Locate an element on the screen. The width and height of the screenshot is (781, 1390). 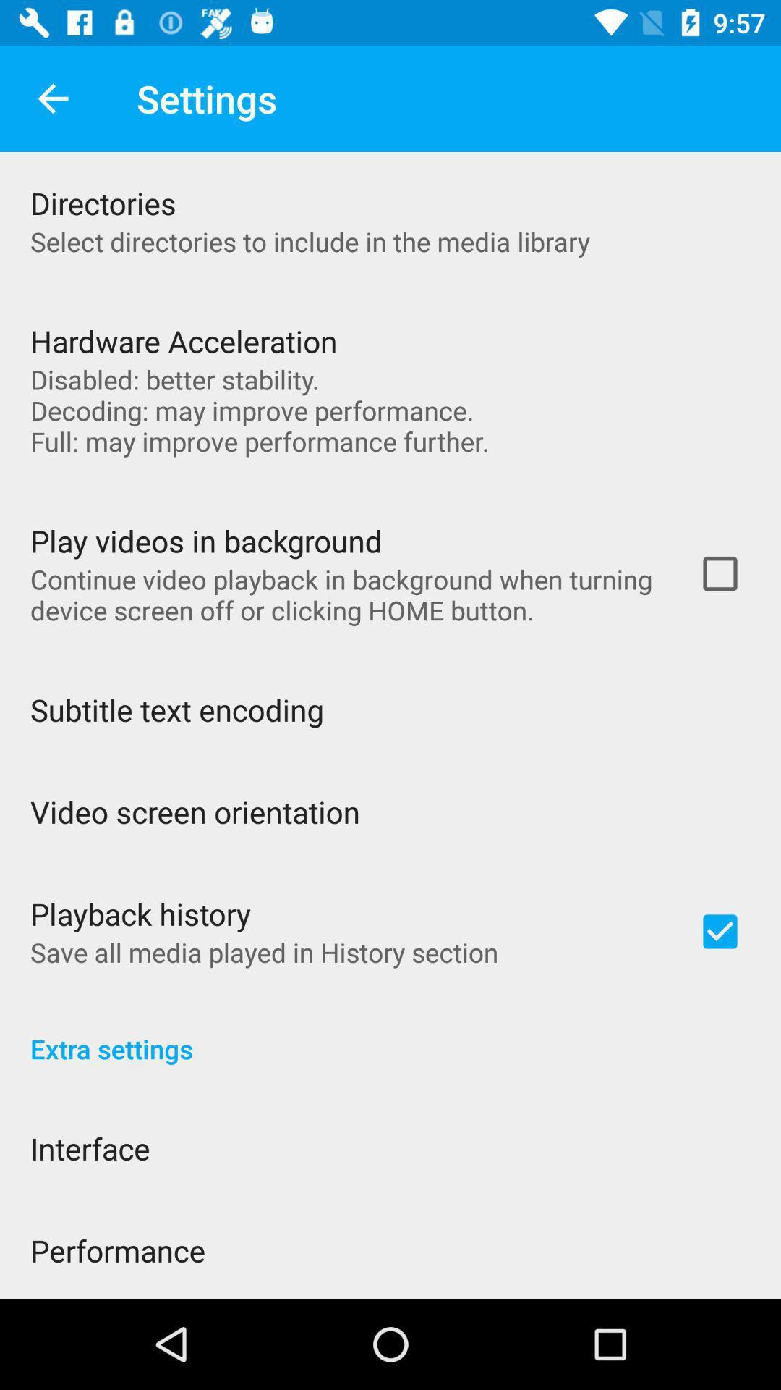
icon which is right to text play back history is located at coordinates (720, 931).